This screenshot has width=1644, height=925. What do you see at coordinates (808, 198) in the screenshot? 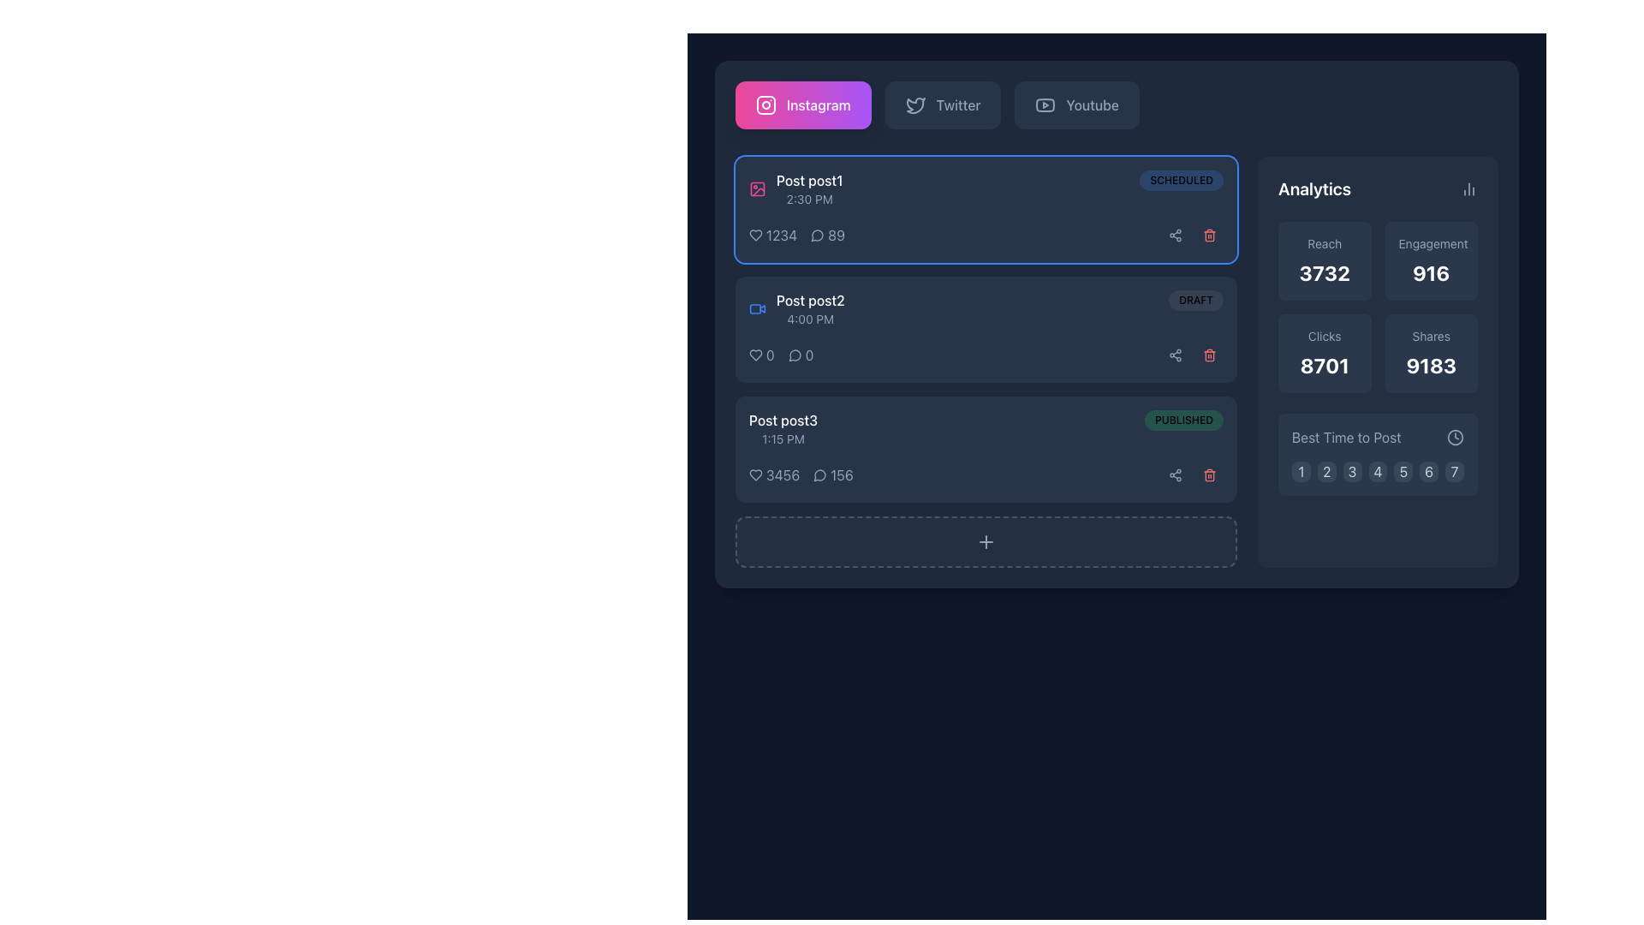
I see `the time display showing '2:30 PM' in gray-colored font located under the title of post 'post1'` at bounding box center [808, 198].